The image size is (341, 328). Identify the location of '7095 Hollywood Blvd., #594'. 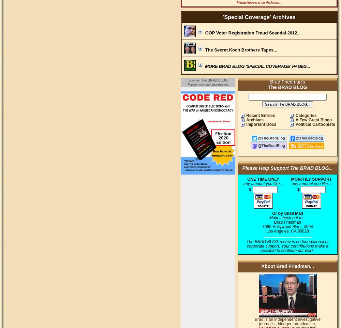
(262, 227).